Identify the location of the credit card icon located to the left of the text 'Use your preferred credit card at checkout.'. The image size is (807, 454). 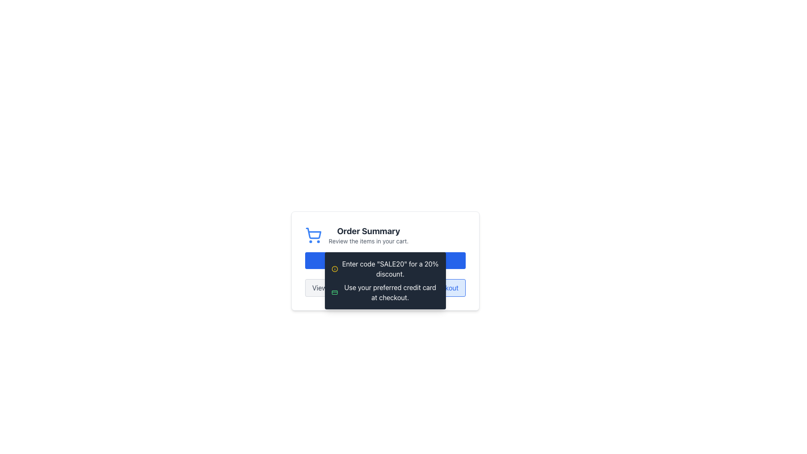
(334, 292).